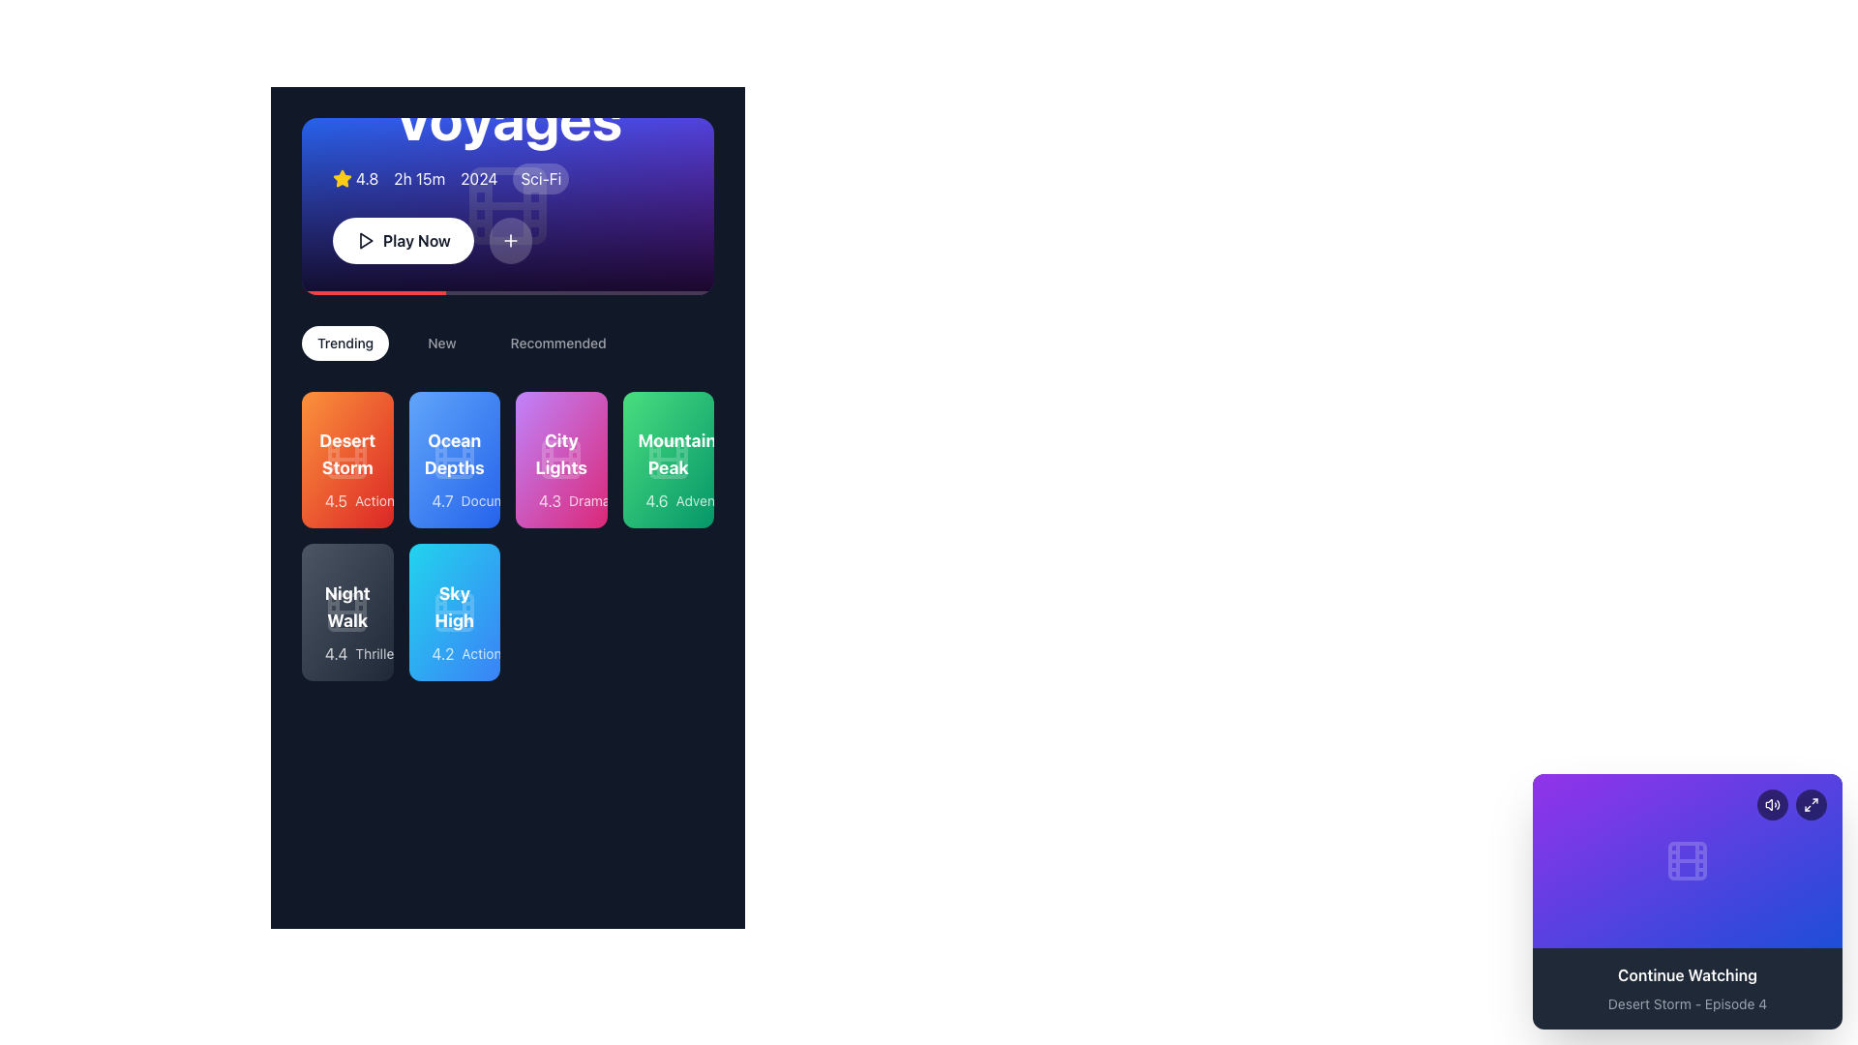  Describe the element at coordinates (453, 612) in the screenshot. I see `the movie icon located in the second row and second column of the card layout, which is situated underneath the 'Ocean Depths' card and next to the 'Night Walk' card` at that location.